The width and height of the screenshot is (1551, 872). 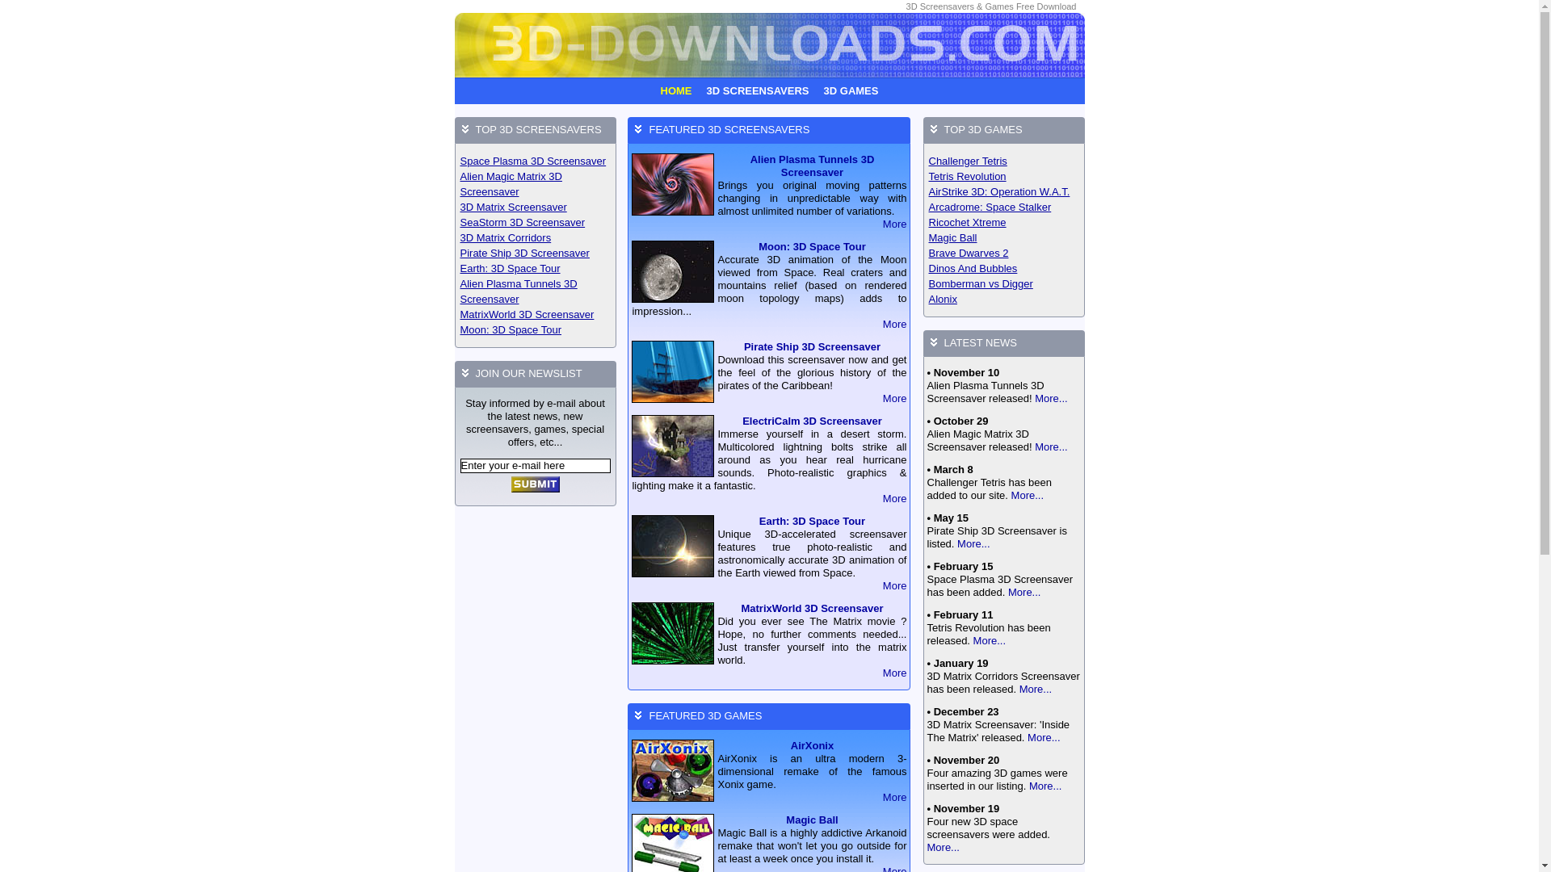 What do you see at coordinates (1003, 206) in the screenshot?
I see `'Arcadrome: Space Stalker'` at bounding box center [1003, 206].